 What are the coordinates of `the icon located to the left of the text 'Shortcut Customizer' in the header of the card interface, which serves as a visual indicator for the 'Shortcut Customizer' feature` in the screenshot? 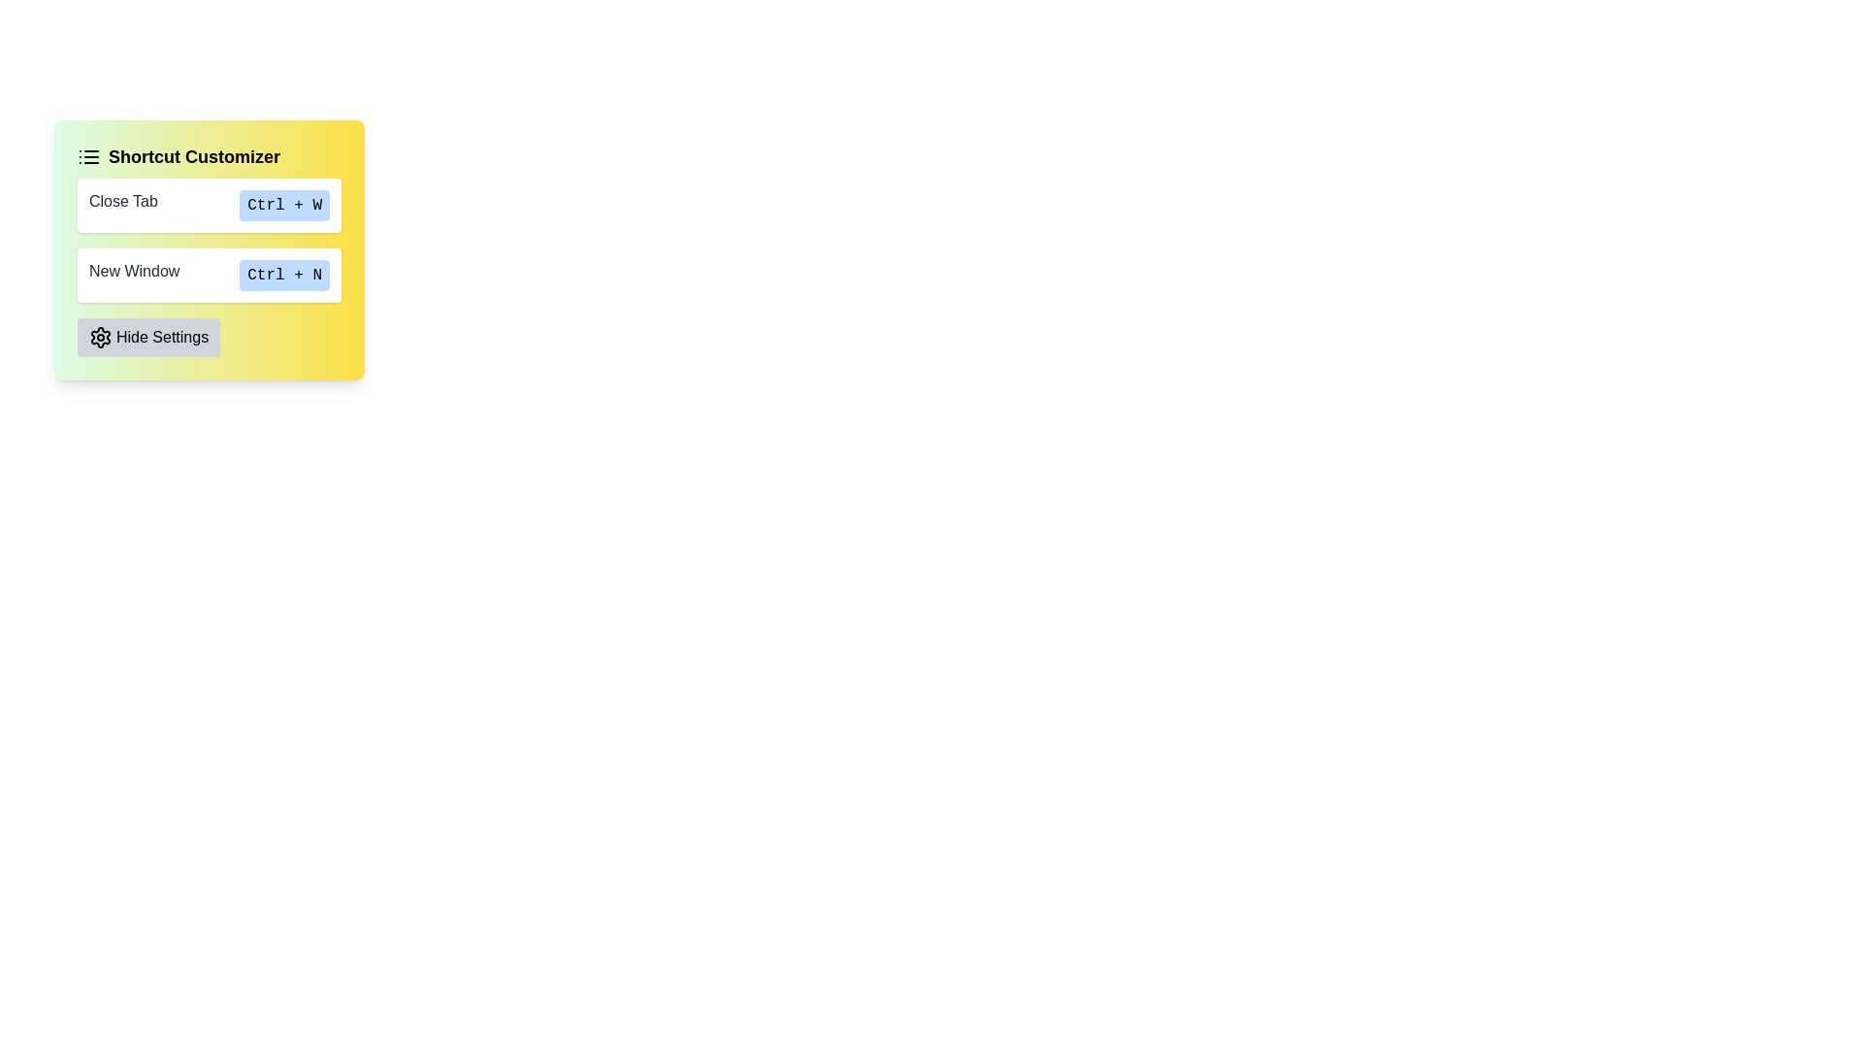 It's located at (87, 156).